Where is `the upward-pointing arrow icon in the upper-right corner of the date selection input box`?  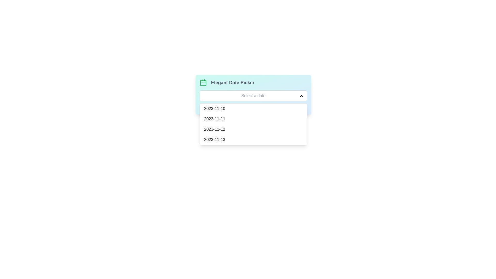
the upward-pointing arrow icon in the upper-right corner of the date selection input box is located at coordinates (301, 96).